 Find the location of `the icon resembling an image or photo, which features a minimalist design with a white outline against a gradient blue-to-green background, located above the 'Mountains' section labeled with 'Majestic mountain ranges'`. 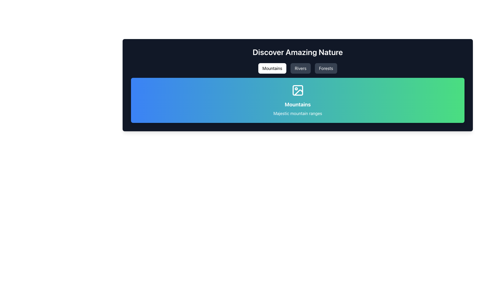

the icon resembling an image or photo, which features a minimalist design with a white outline against a gradient blue-to-green background, located above the 'Mountains' section labeled with 'Majestic mountain ranges' is located at coordinates (298, 90).